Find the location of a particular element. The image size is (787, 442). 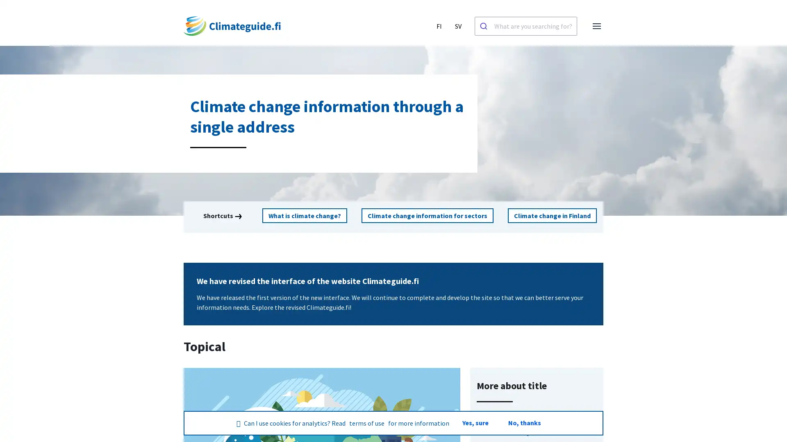

Submit is located at coordinates (484, 26).